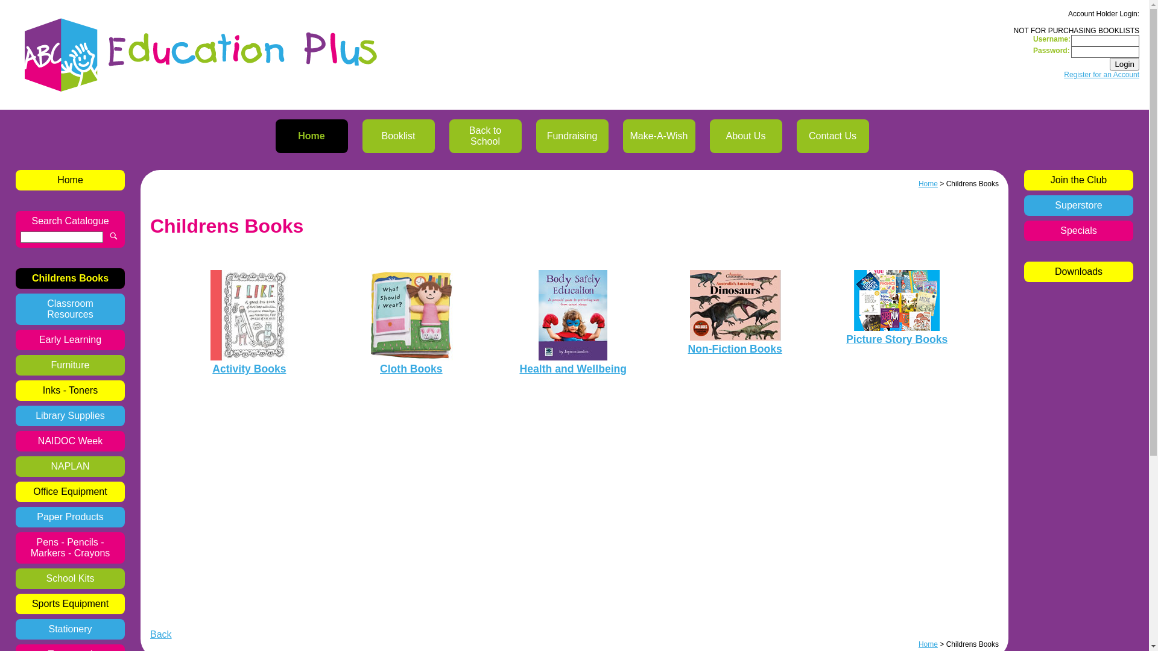  I want to click on 'Childrens Books', so click(69, 278).